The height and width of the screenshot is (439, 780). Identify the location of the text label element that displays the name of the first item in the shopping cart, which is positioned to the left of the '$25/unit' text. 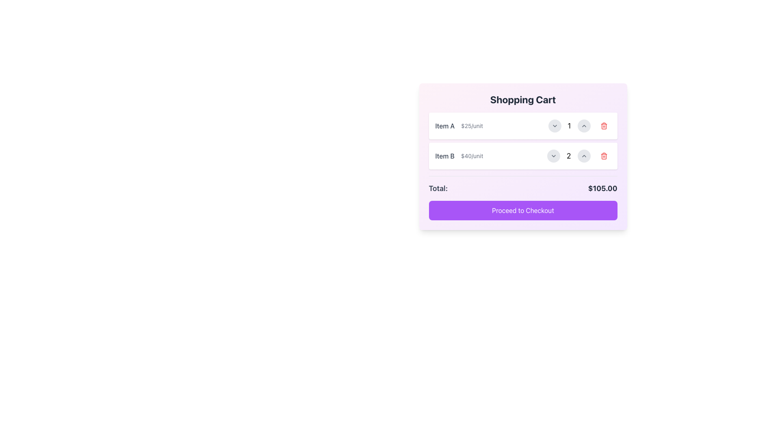
(444, 126).